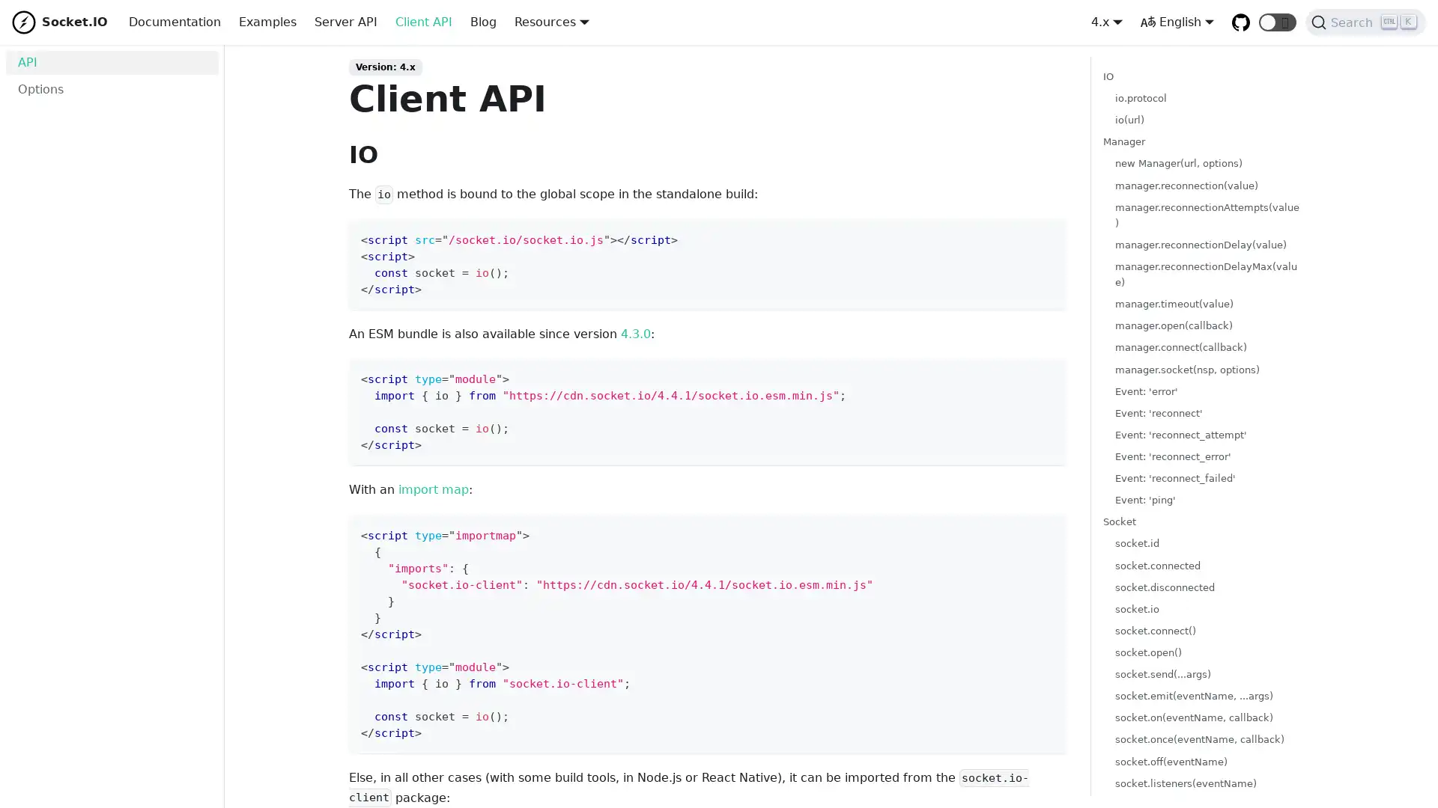  I want to click on Search, so click(1365, 22).